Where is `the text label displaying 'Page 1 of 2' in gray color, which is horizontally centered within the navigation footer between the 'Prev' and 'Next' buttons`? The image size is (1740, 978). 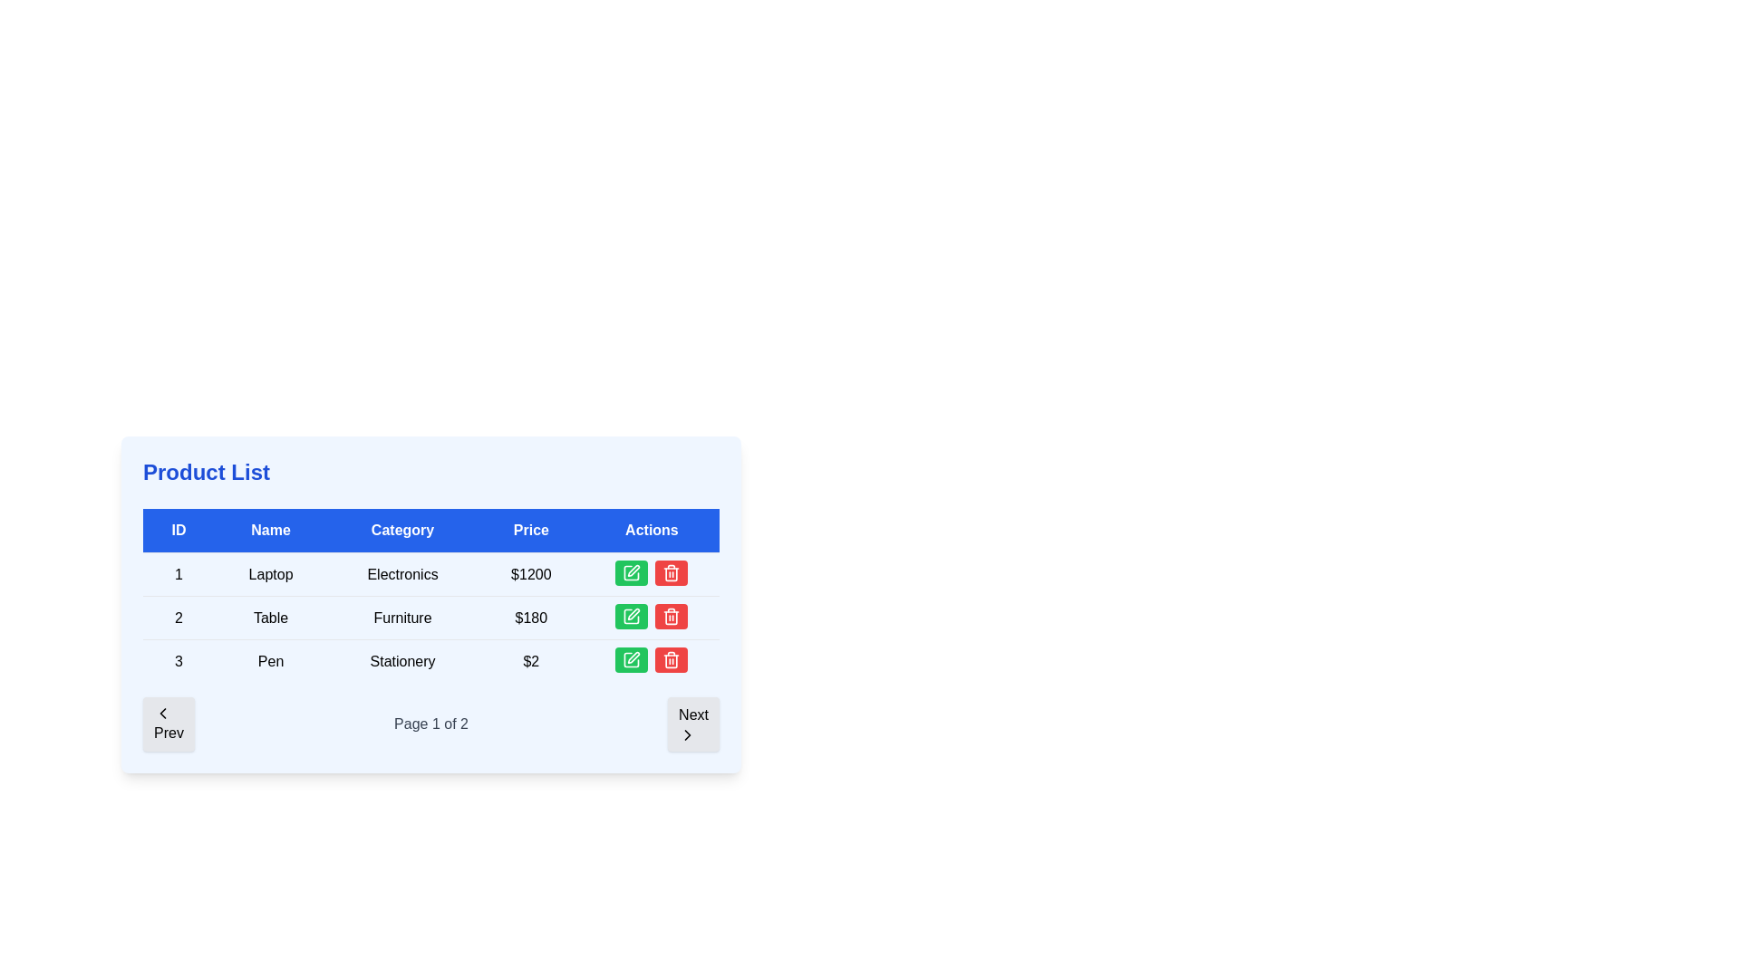 the text label displaying 'Page 1 of 2' in gray color, which is horizontally centered within the navigation footer between the 'Prev' and 'Next' buttons is located at coordinates (430, 723).